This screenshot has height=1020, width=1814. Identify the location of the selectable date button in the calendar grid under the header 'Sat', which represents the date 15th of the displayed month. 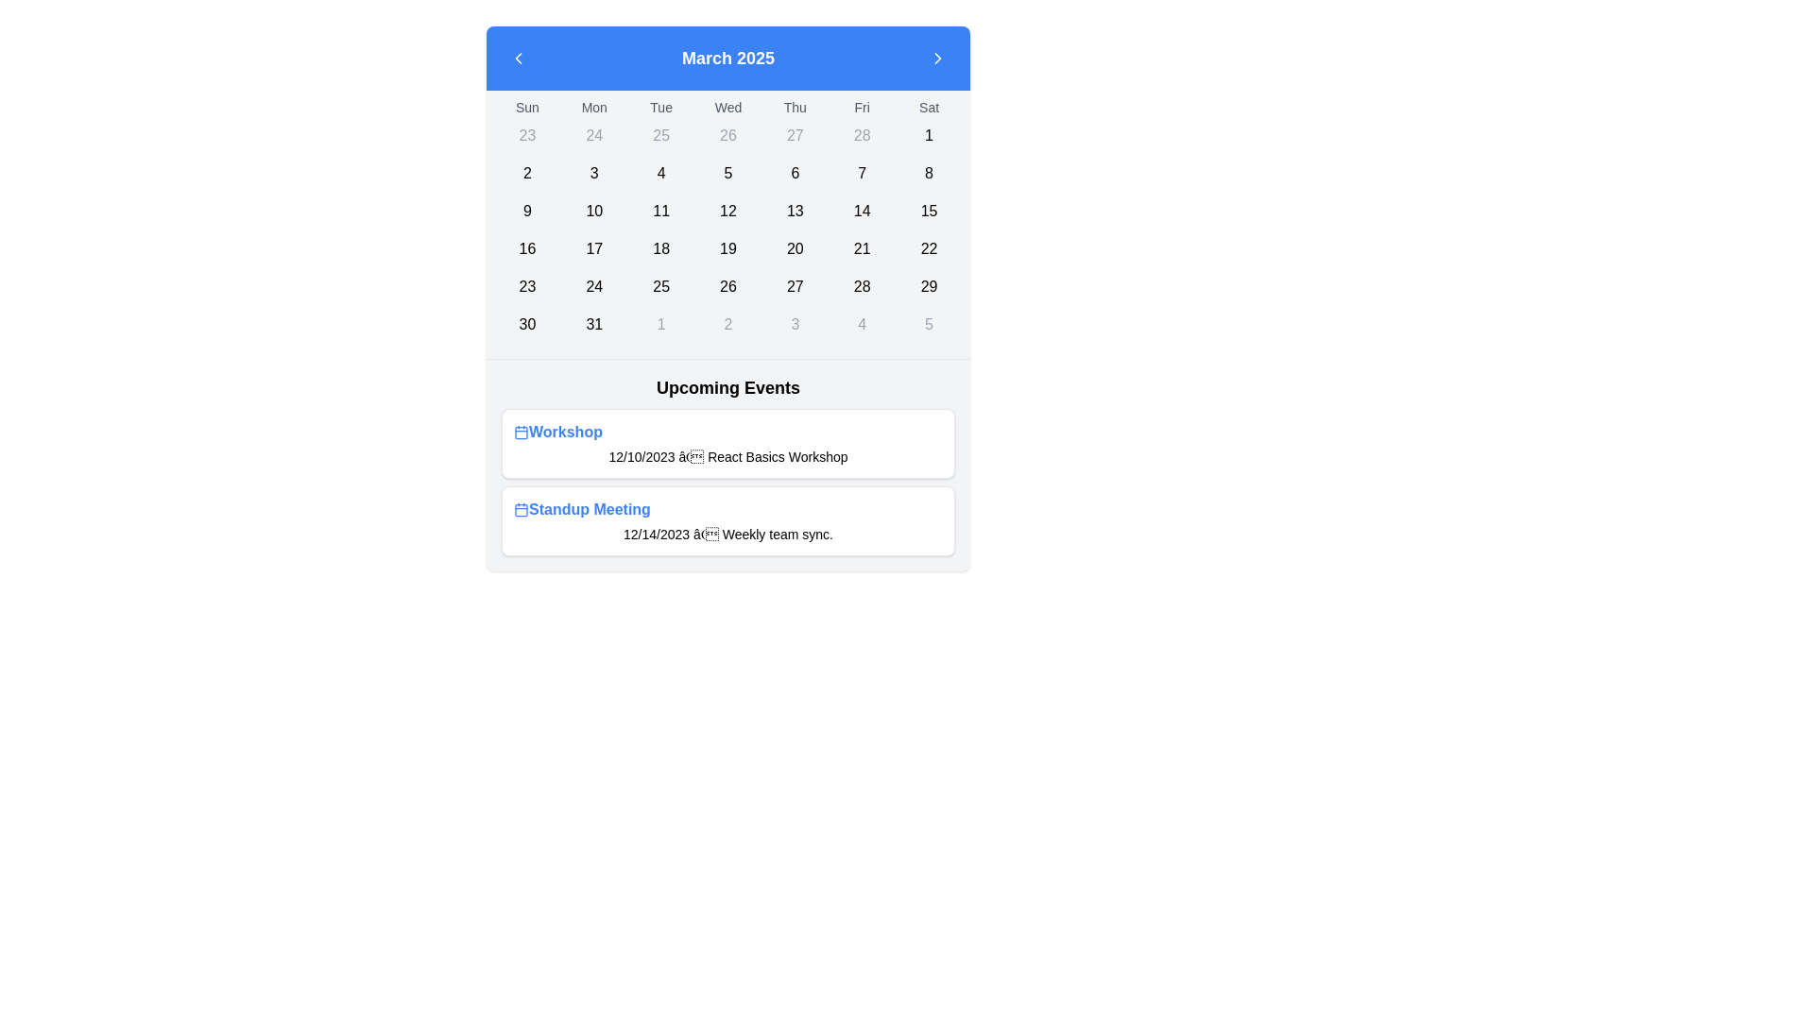
(929, 211).